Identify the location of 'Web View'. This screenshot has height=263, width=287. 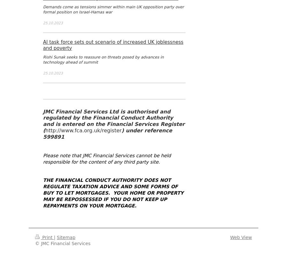
(240, 237).